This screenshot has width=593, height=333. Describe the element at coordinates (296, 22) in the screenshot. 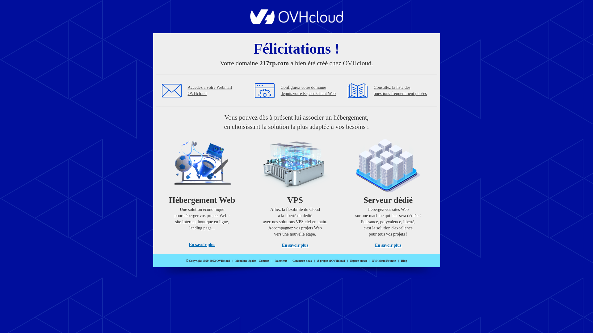

I see `'OVHcloud'` at that location.